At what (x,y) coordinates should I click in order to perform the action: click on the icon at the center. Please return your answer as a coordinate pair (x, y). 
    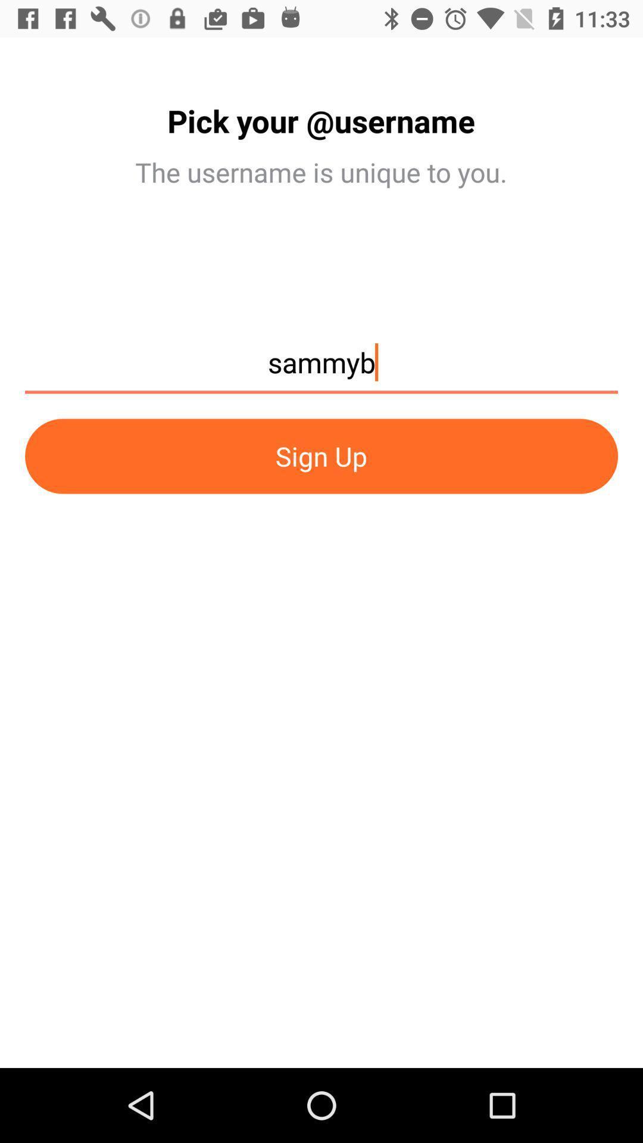
    Looking at the image, I should click on (321, 455).